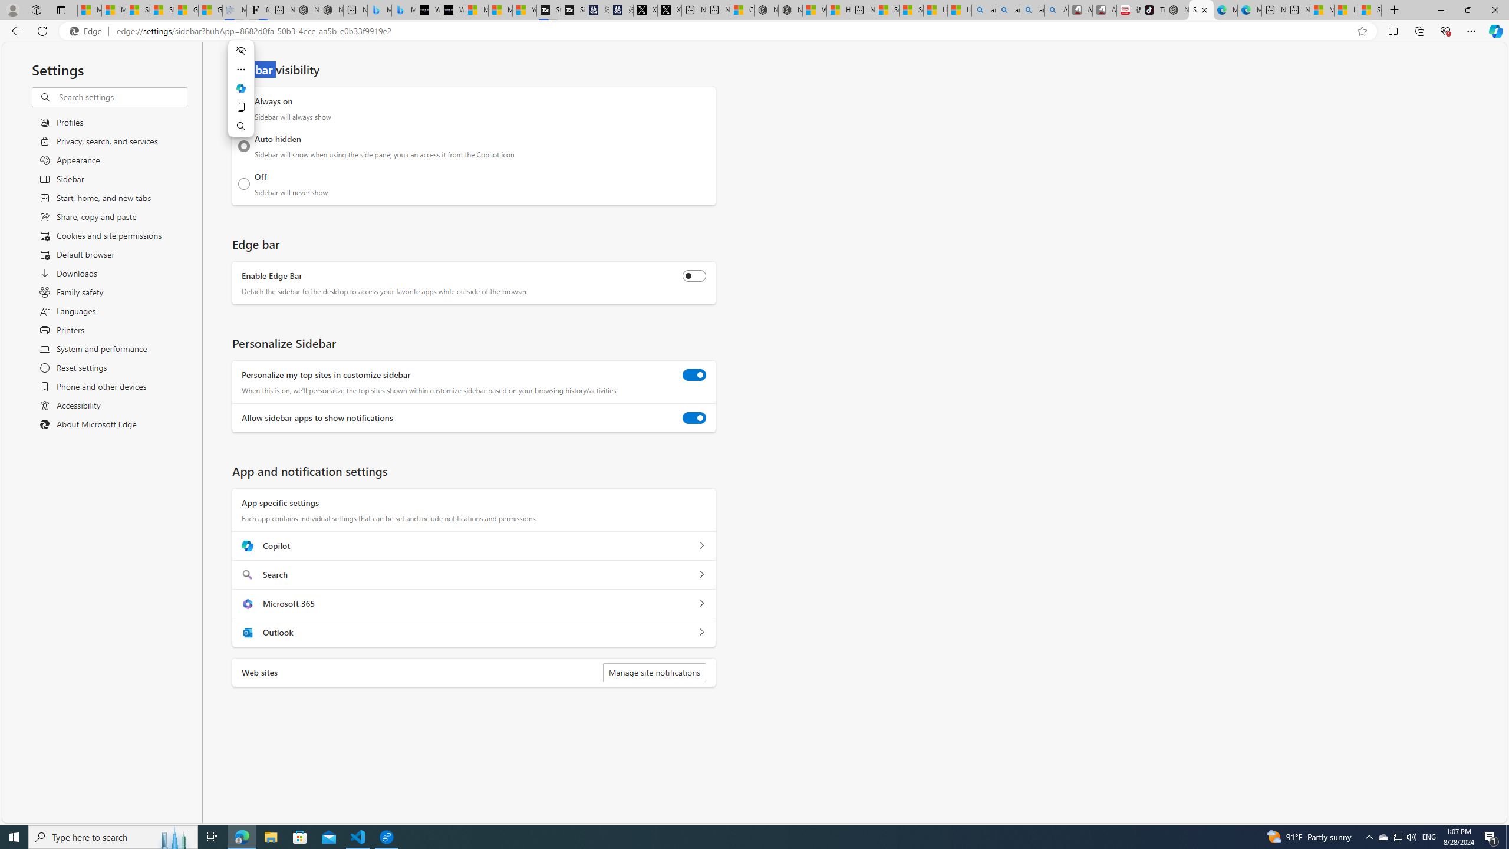  Describe the element at coordinates (694, 275) in the screenshot. I see `'Enable Edge Bar'` at that location.